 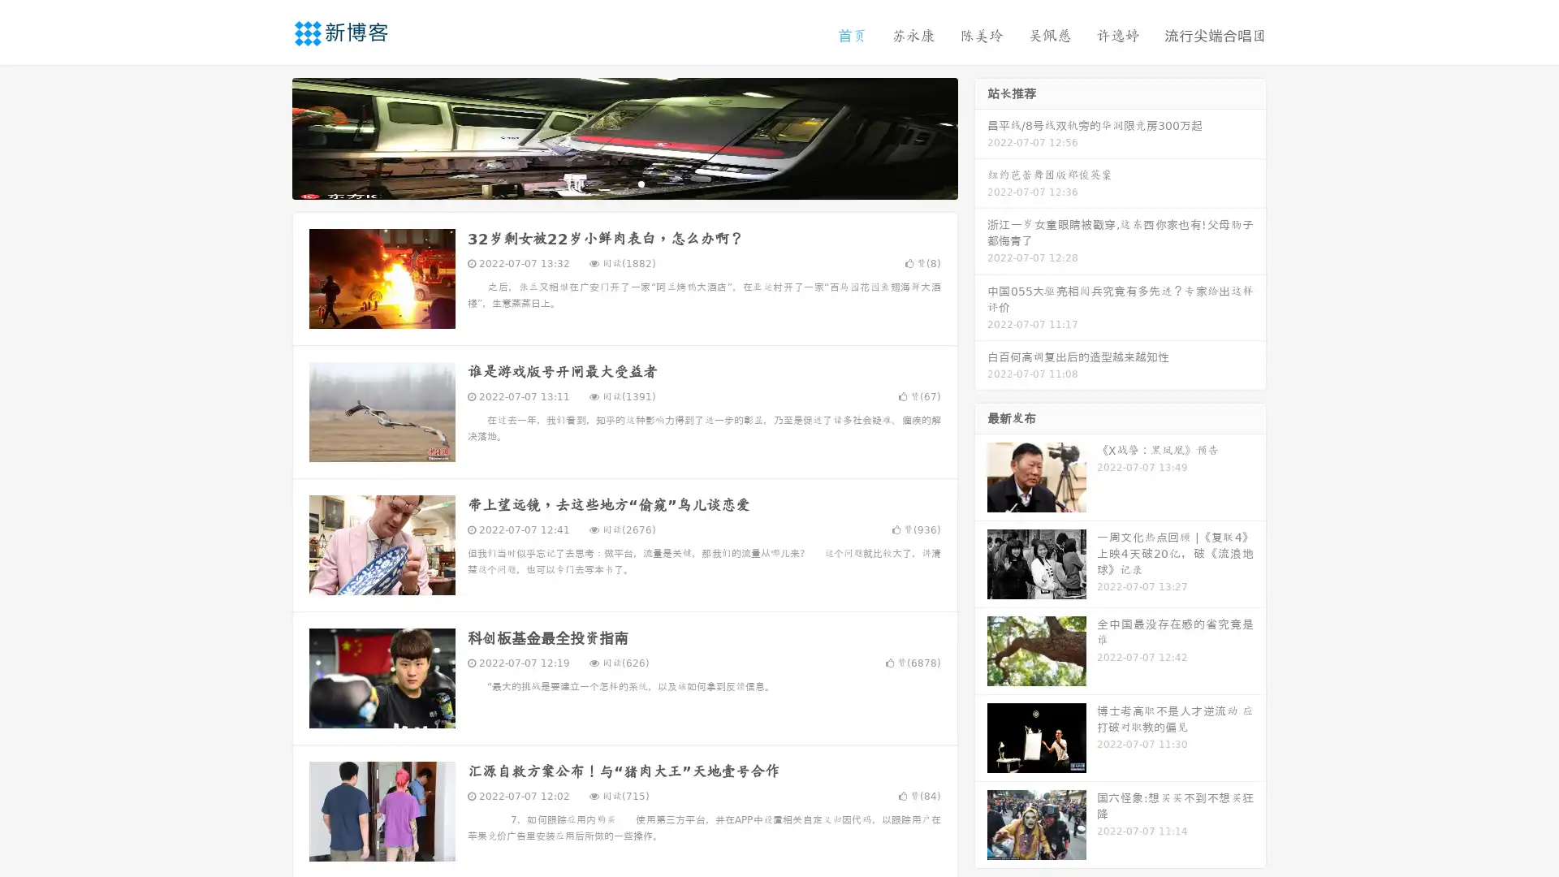 What do you see at coordinates (268, 136) in the screenshot?
I see `Previous slide` at bounding box center [268, 136].